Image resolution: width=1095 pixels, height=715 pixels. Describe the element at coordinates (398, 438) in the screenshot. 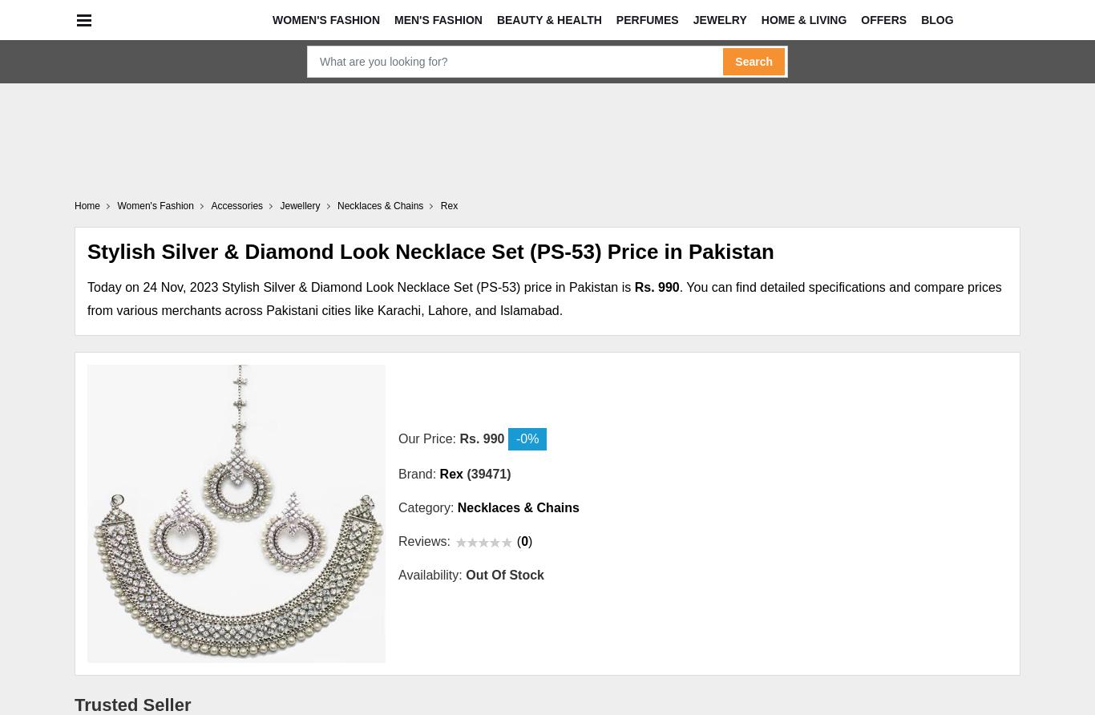

I see `'Our Price:'` at that location.